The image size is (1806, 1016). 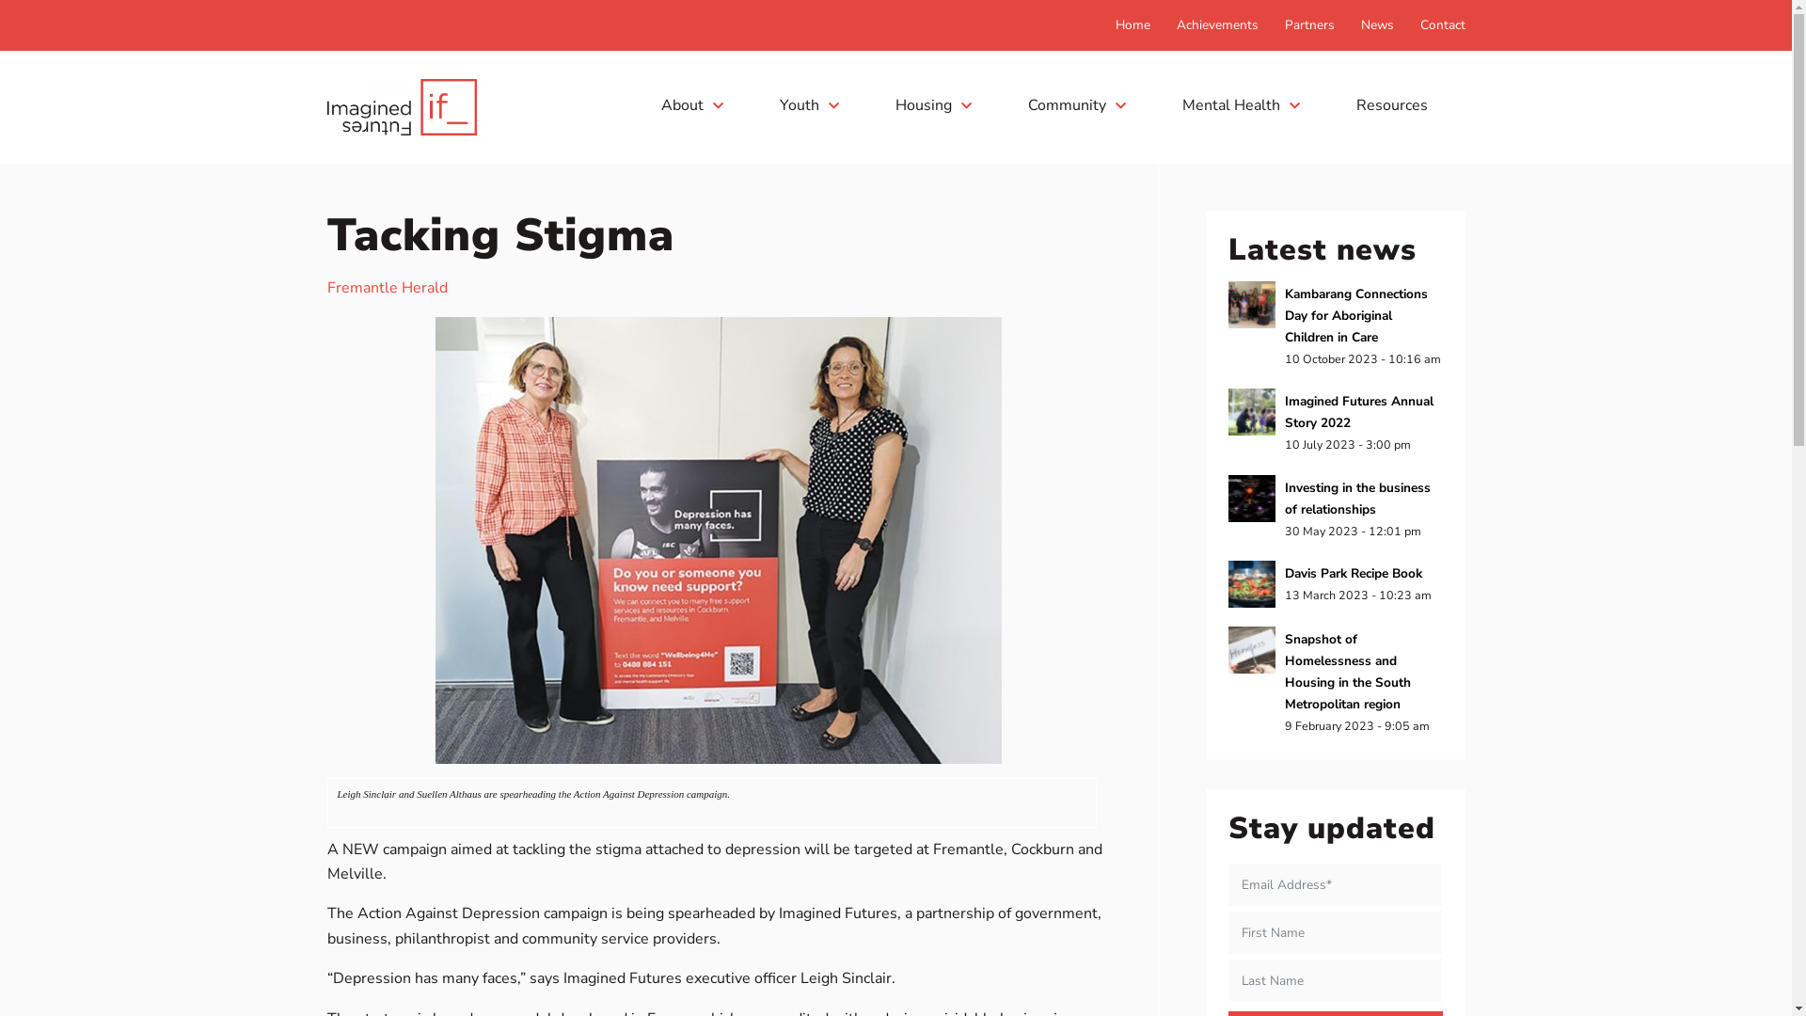 I want to click on 'Achievements', so click(x=1216, y=24).